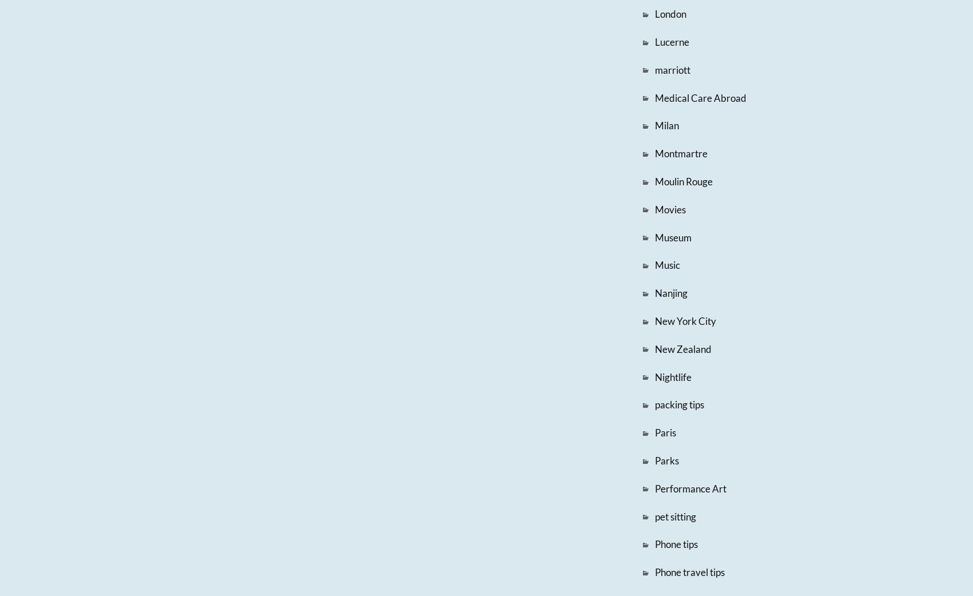 Image resolution: width=973 pixels, height=596 pixels. What do you see at coordinates (670, 293) in the screenshot?
I see `'Nanjing'` at bounding box center [670, 293].